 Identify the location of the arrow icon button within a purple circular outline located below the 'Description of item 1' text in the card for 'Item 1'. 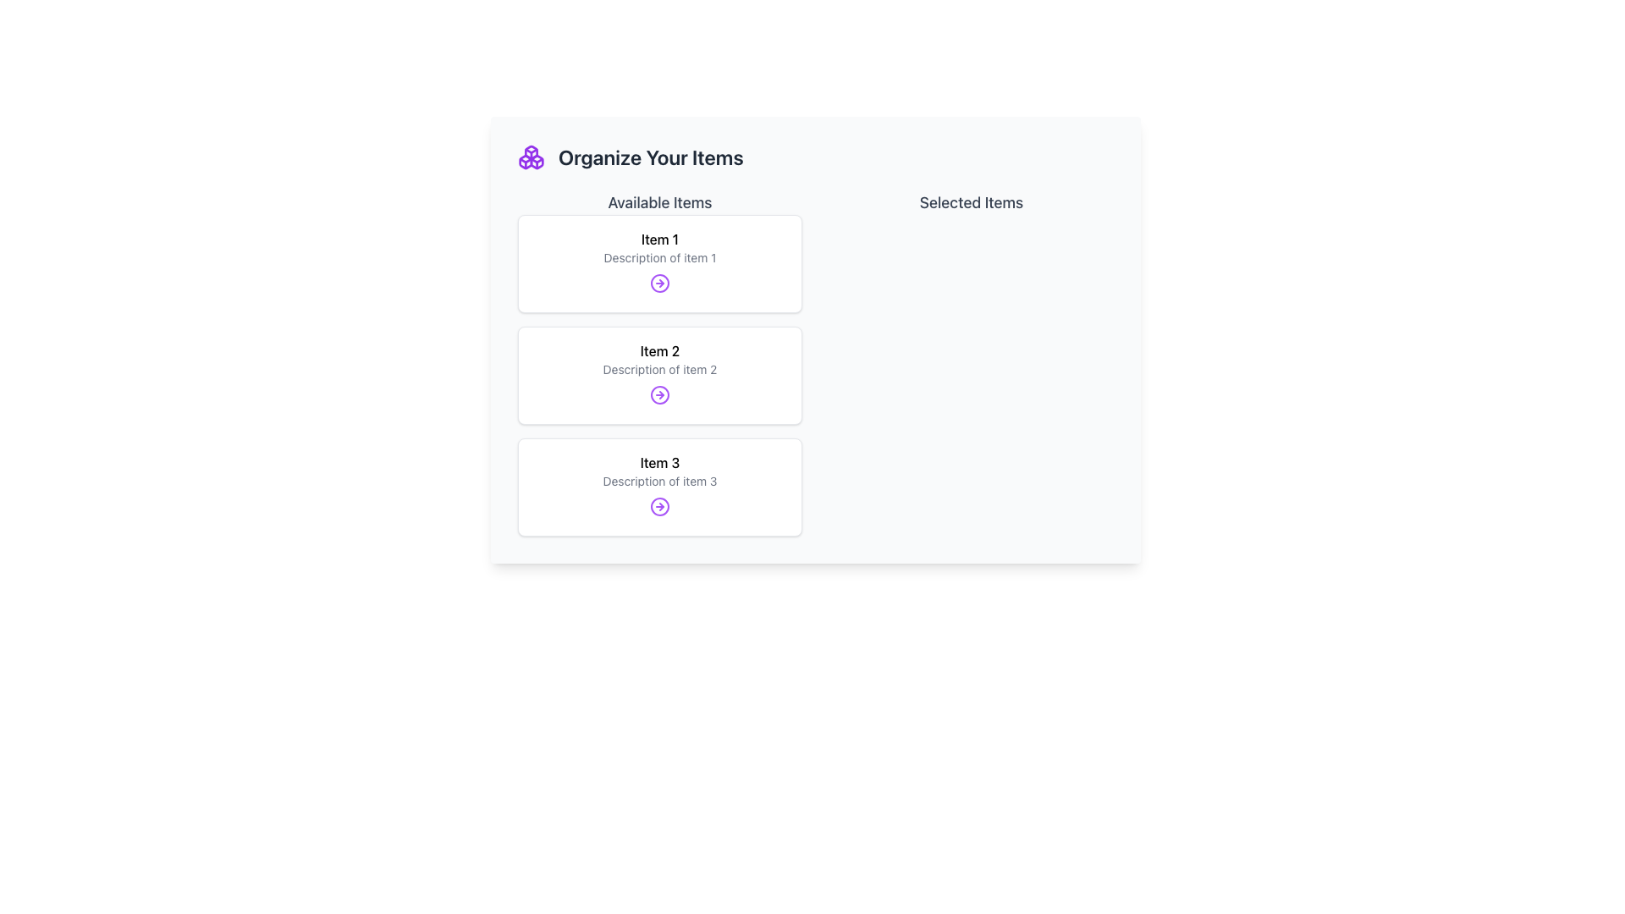
(658, 283).